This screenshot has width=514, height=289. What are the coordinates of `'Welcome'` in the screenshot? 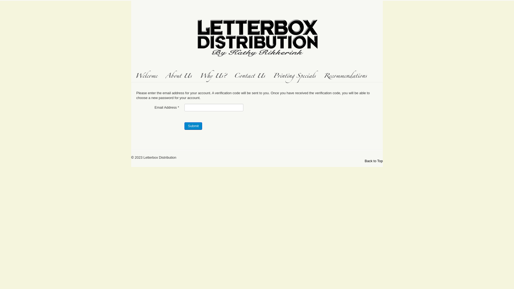 It's located at (146, 77).